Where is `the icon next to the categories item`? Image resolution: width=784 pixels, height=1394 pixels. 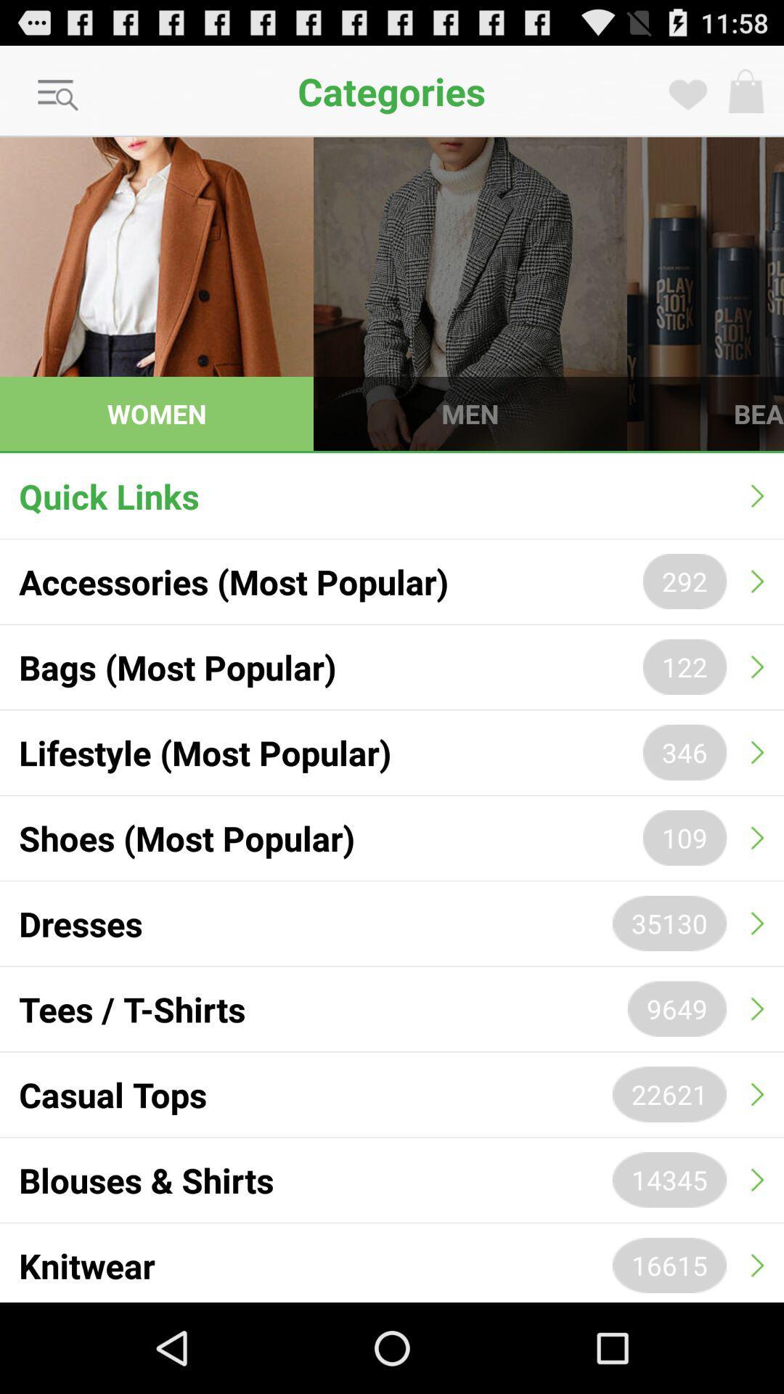
the icon next to the categories item is located at coordinates (58, 95).